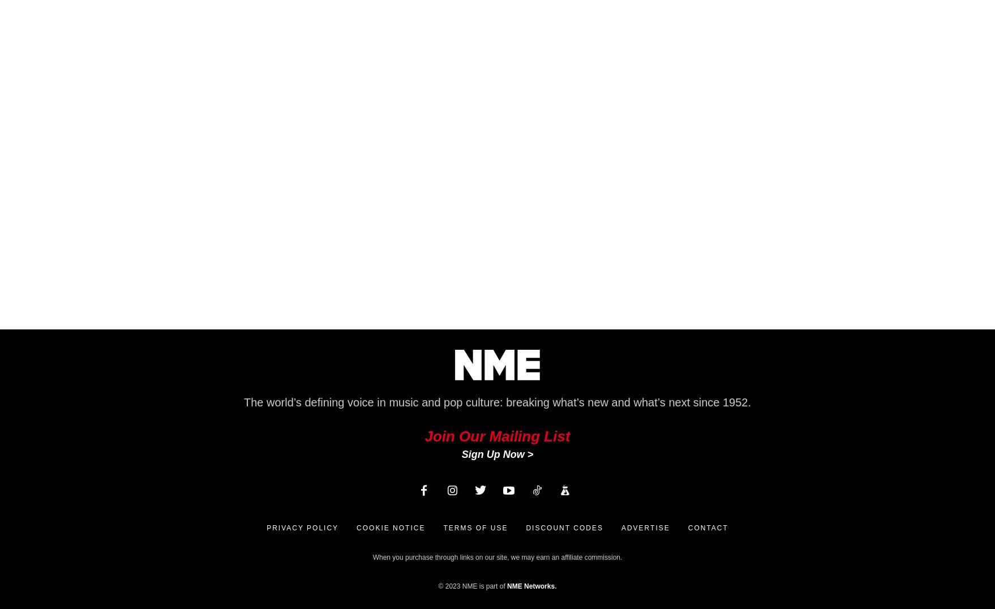 The height and width of the screenshot is (609, 995). Describe the element at coordinates (555, 586) in the screenshot. I see `'.'` at that location.